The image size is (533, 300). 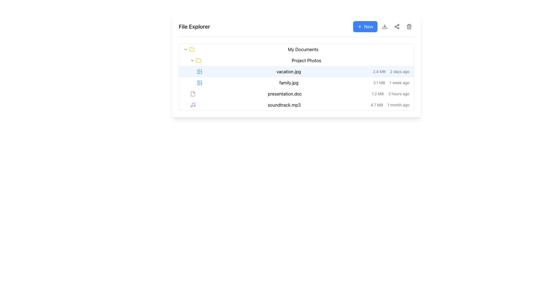 I want to click on the downward arrow icon button, which is styled in grayscale and located immediately to the right of the blue 'New' button, so click(x=383, y=27).